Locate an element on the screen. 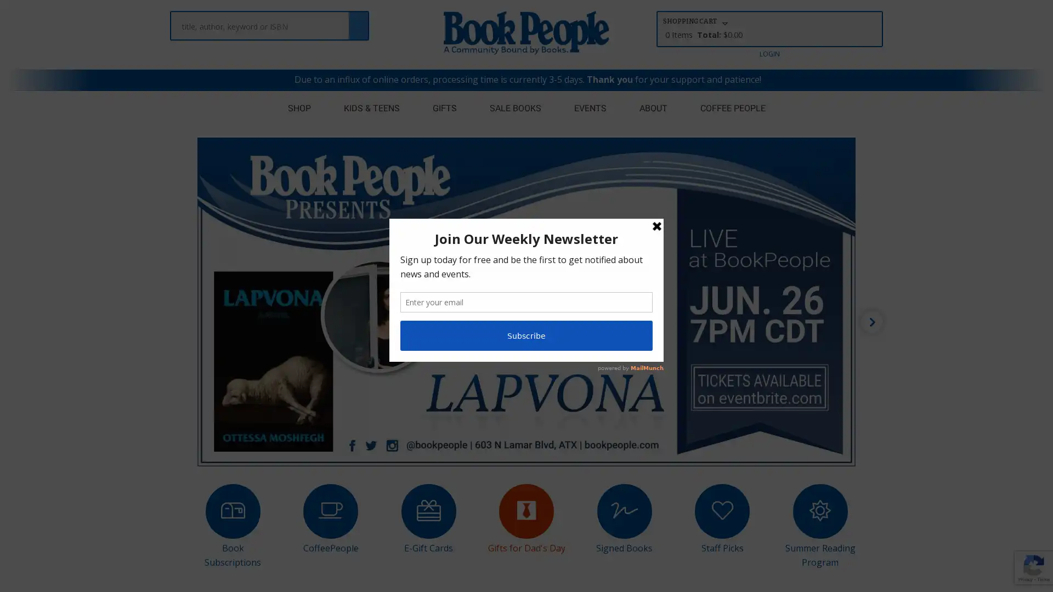  Search is located at coordinates (358, 20).